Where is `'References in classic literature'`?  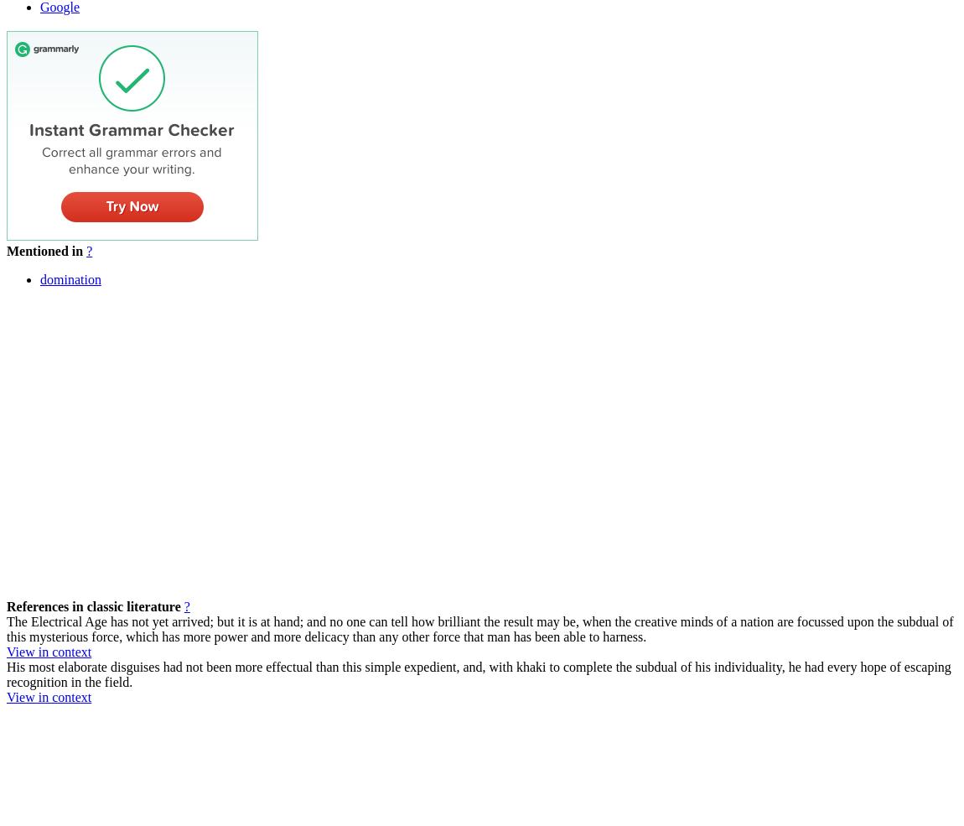
'References in classic literature' is located at coordinates (92, 605).